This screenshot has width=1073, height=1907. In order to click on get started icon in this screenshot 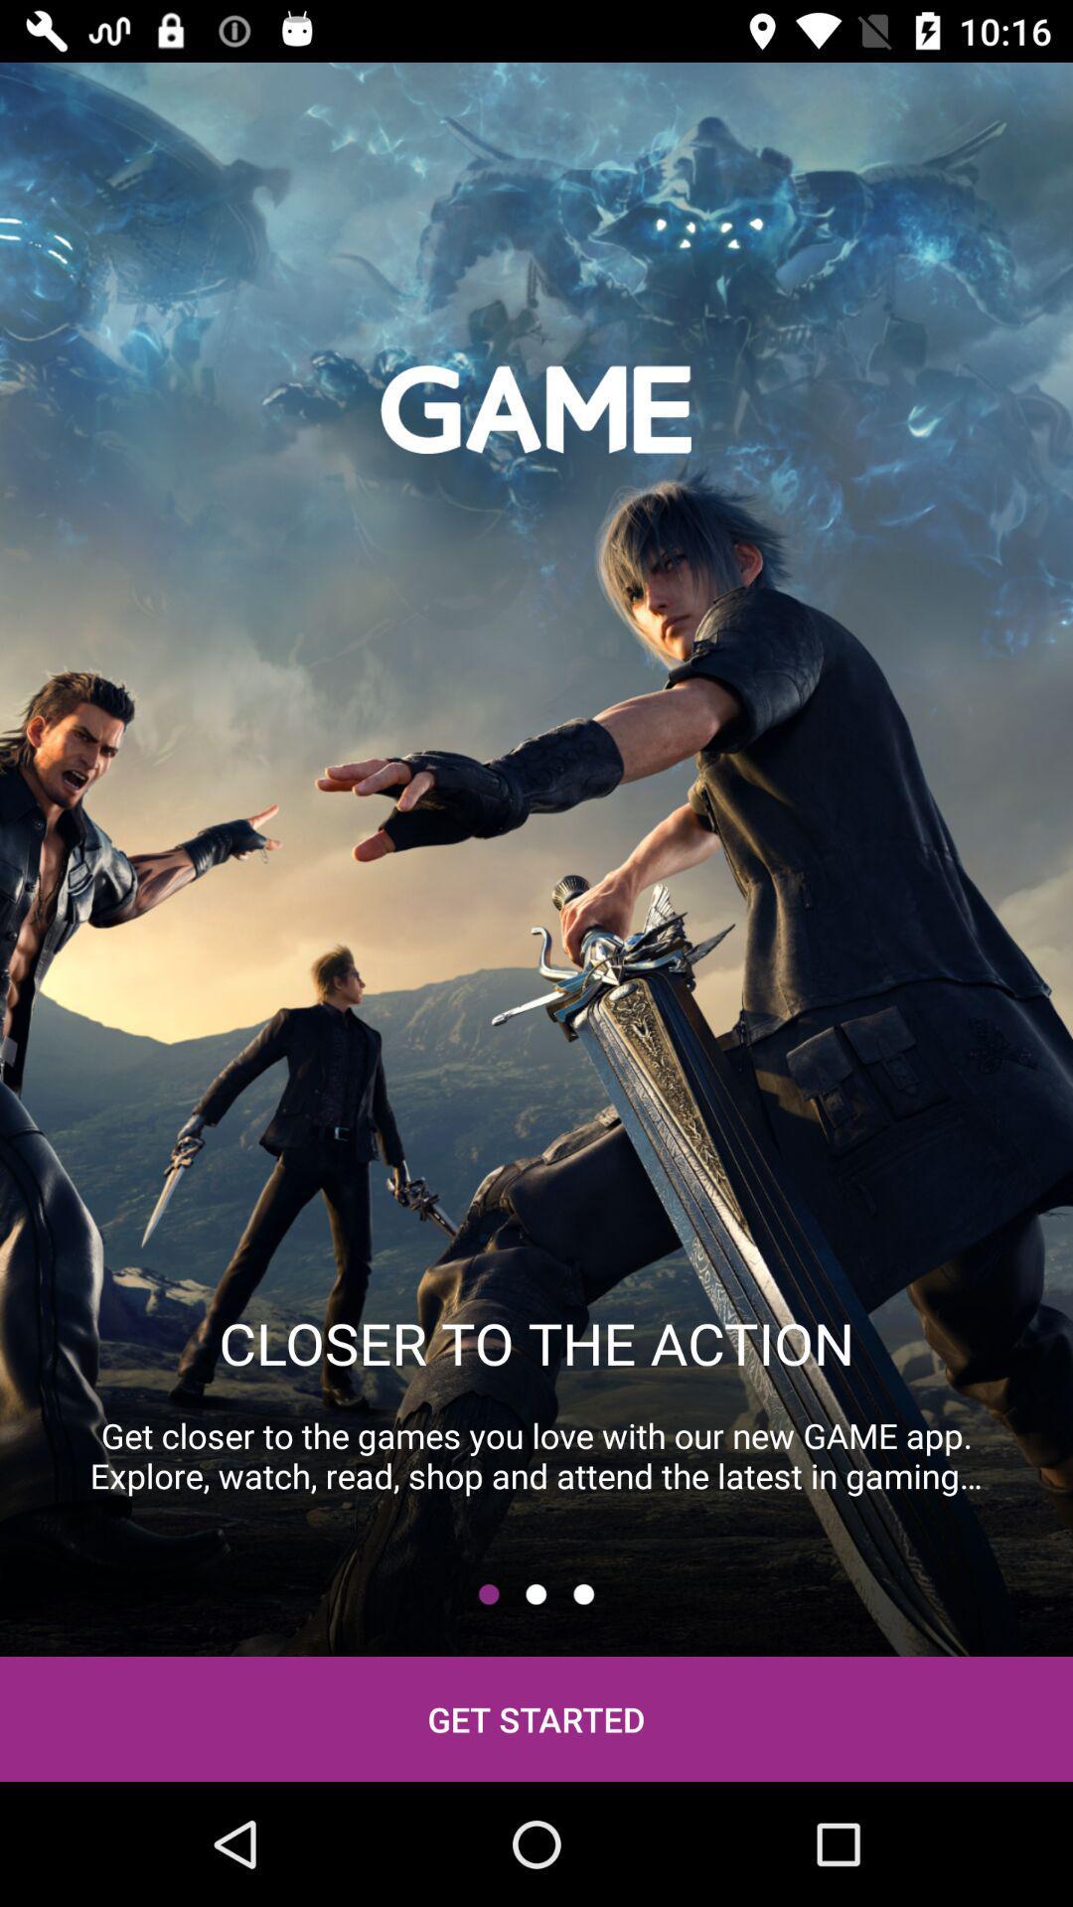, I will do `click(536, 1718)`.